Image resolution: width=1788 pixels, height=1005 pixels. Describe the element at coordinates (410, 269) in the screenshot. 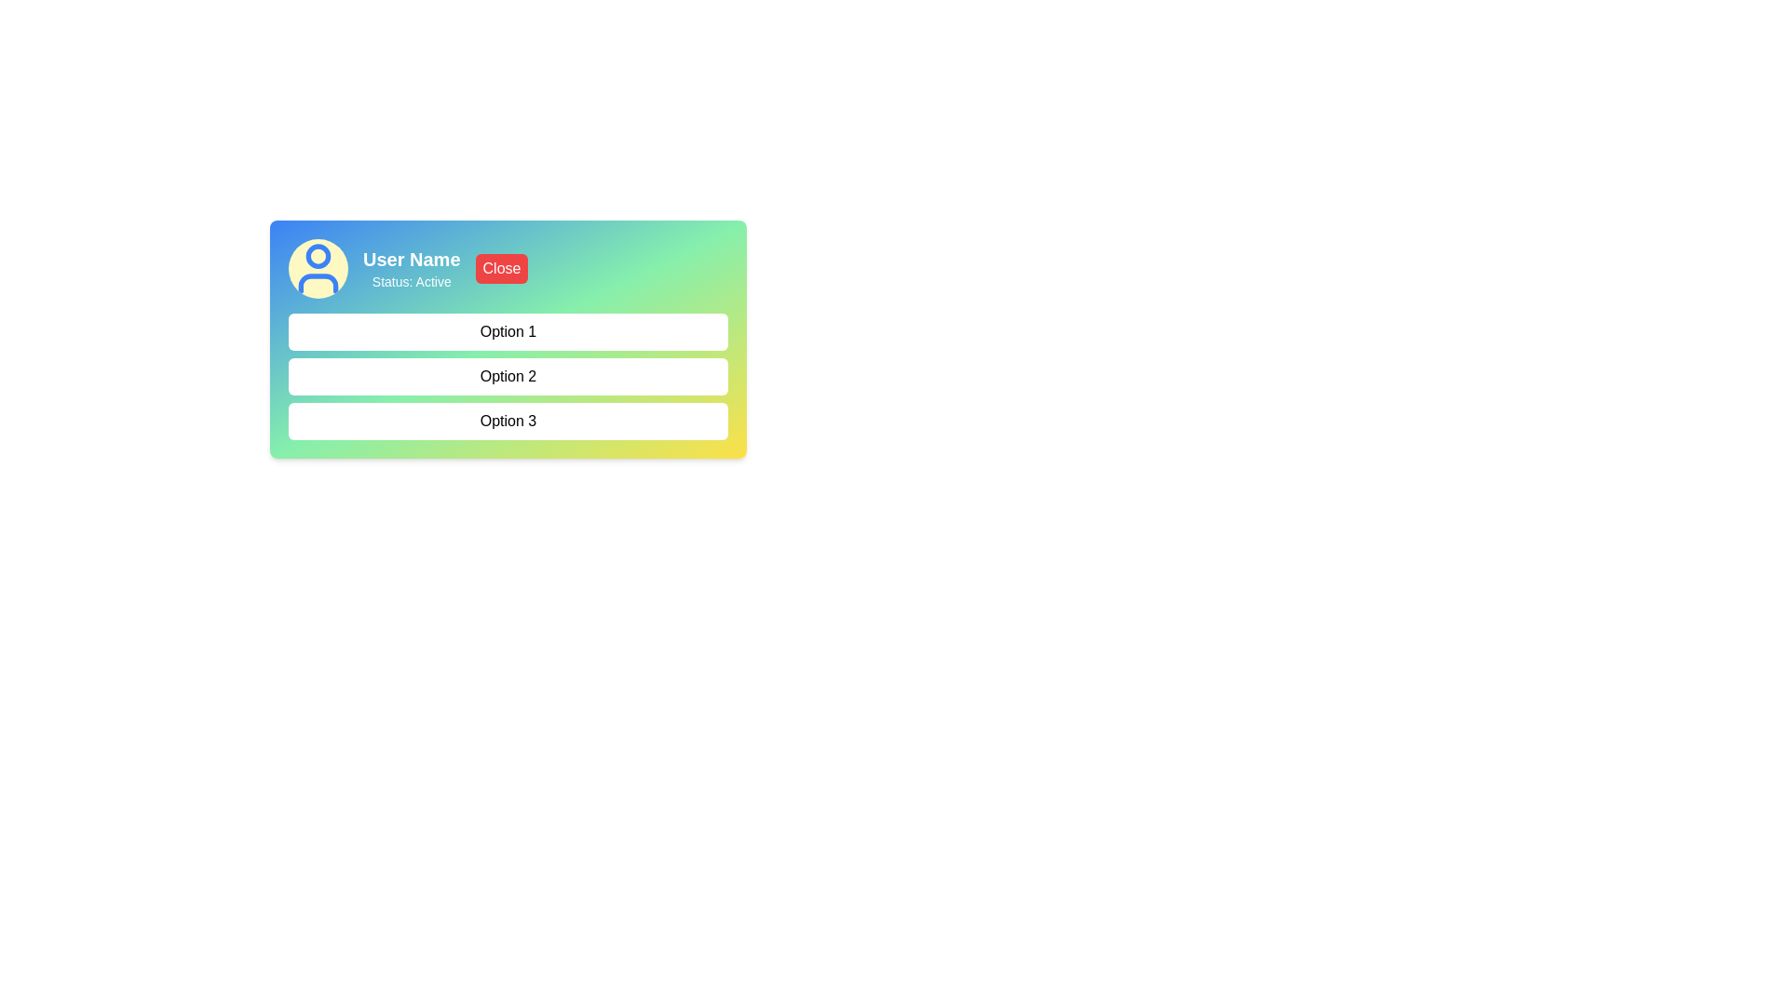

I see `the user information text display block that shows the username and current status 'Active', located centrally in the header section between the user icon and the 'Close' button` at that location.